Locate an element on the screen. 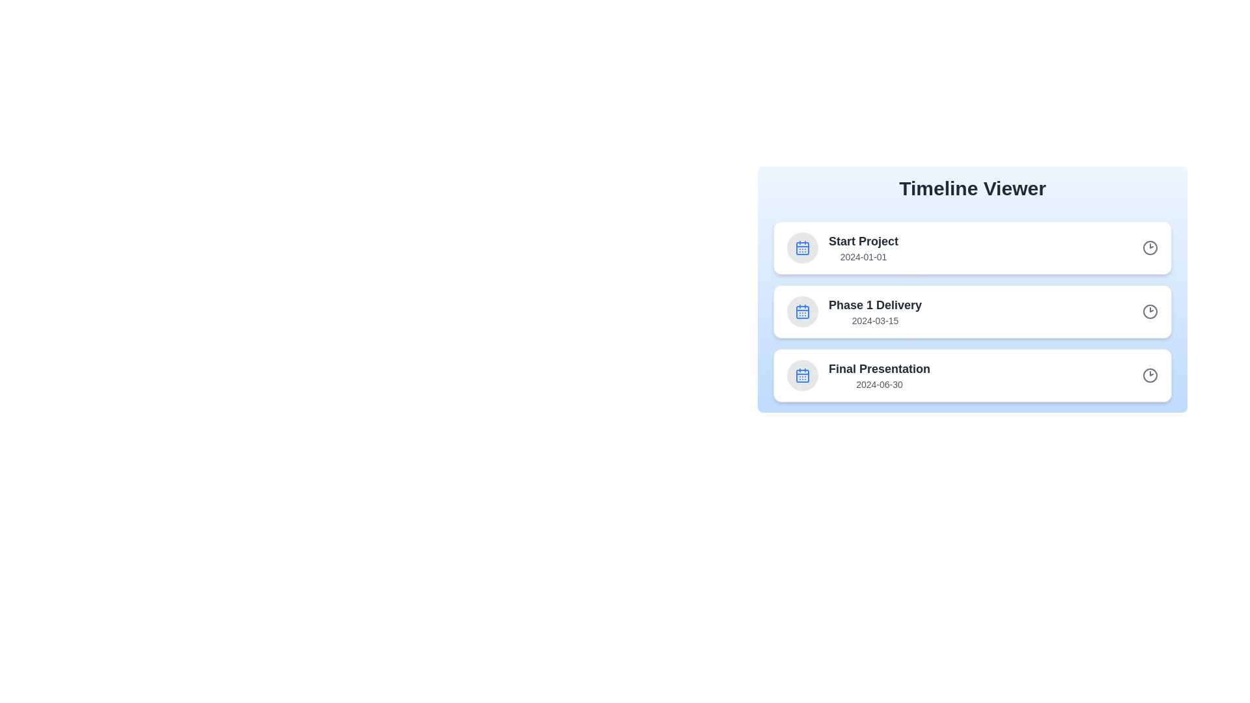 This screenshot has width=1250, height=703. the text label displaying the title 'Final Presentation', which is styled in bold and located in the third row of the timeline list is located at coordinates (880, 369).